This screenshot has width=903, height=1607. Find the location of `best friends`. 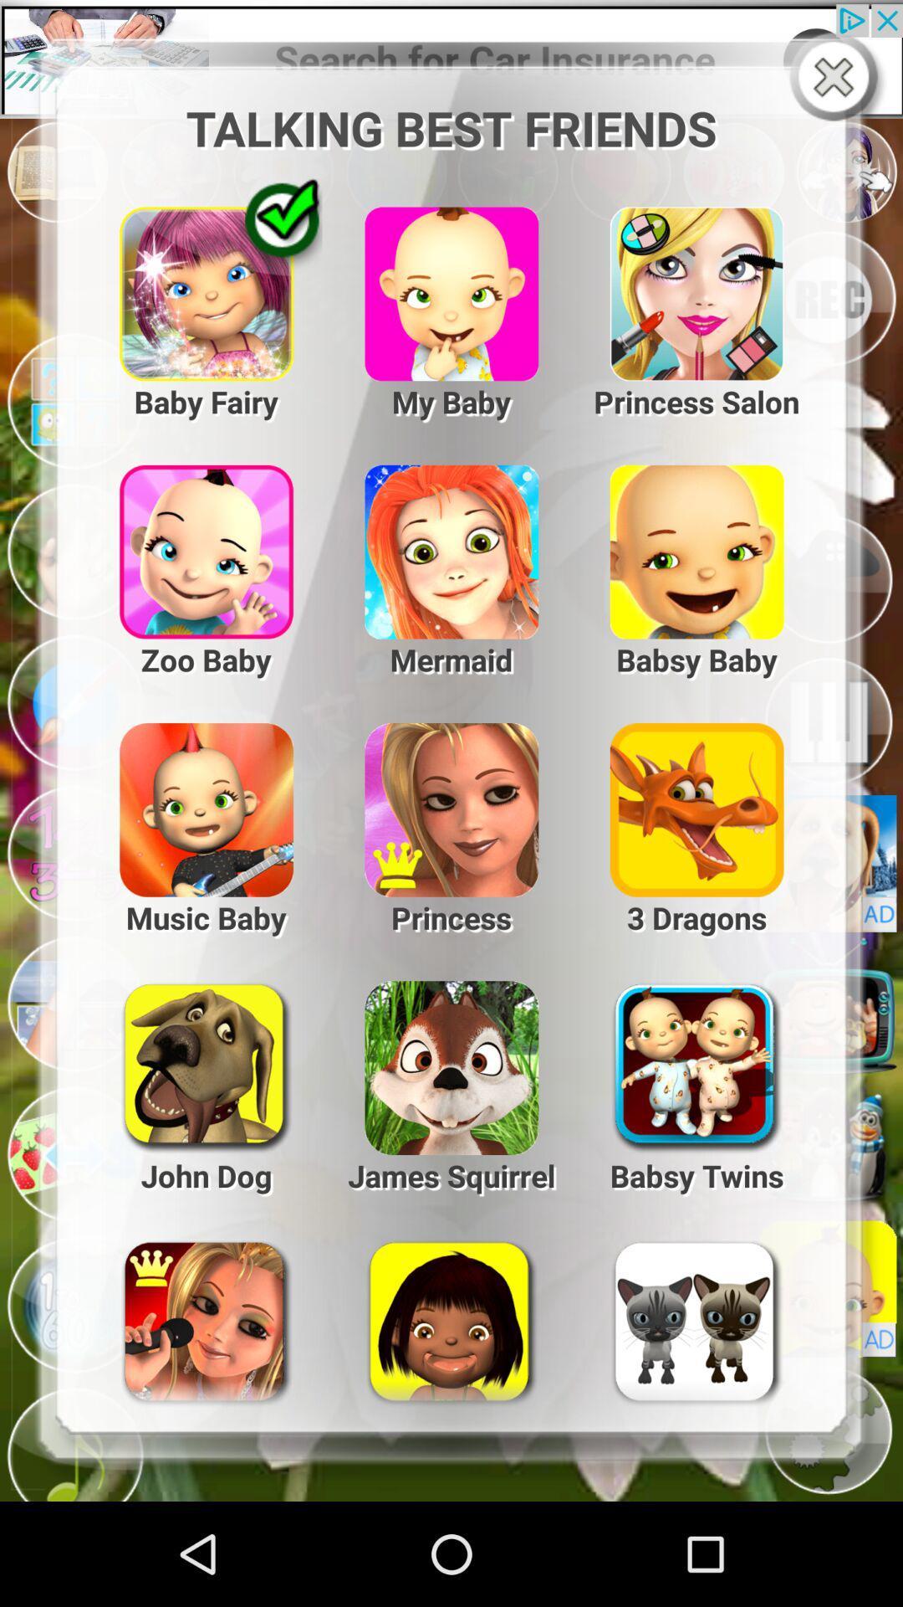

best friends is located at coordinates (837, 78).